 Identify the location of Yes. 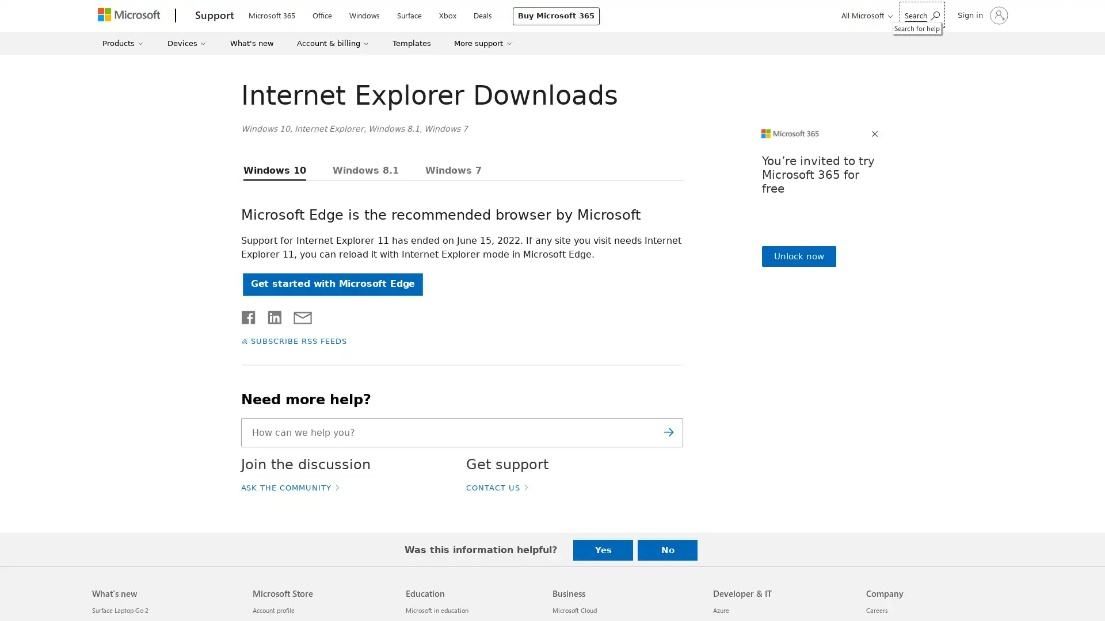
(602, 549).